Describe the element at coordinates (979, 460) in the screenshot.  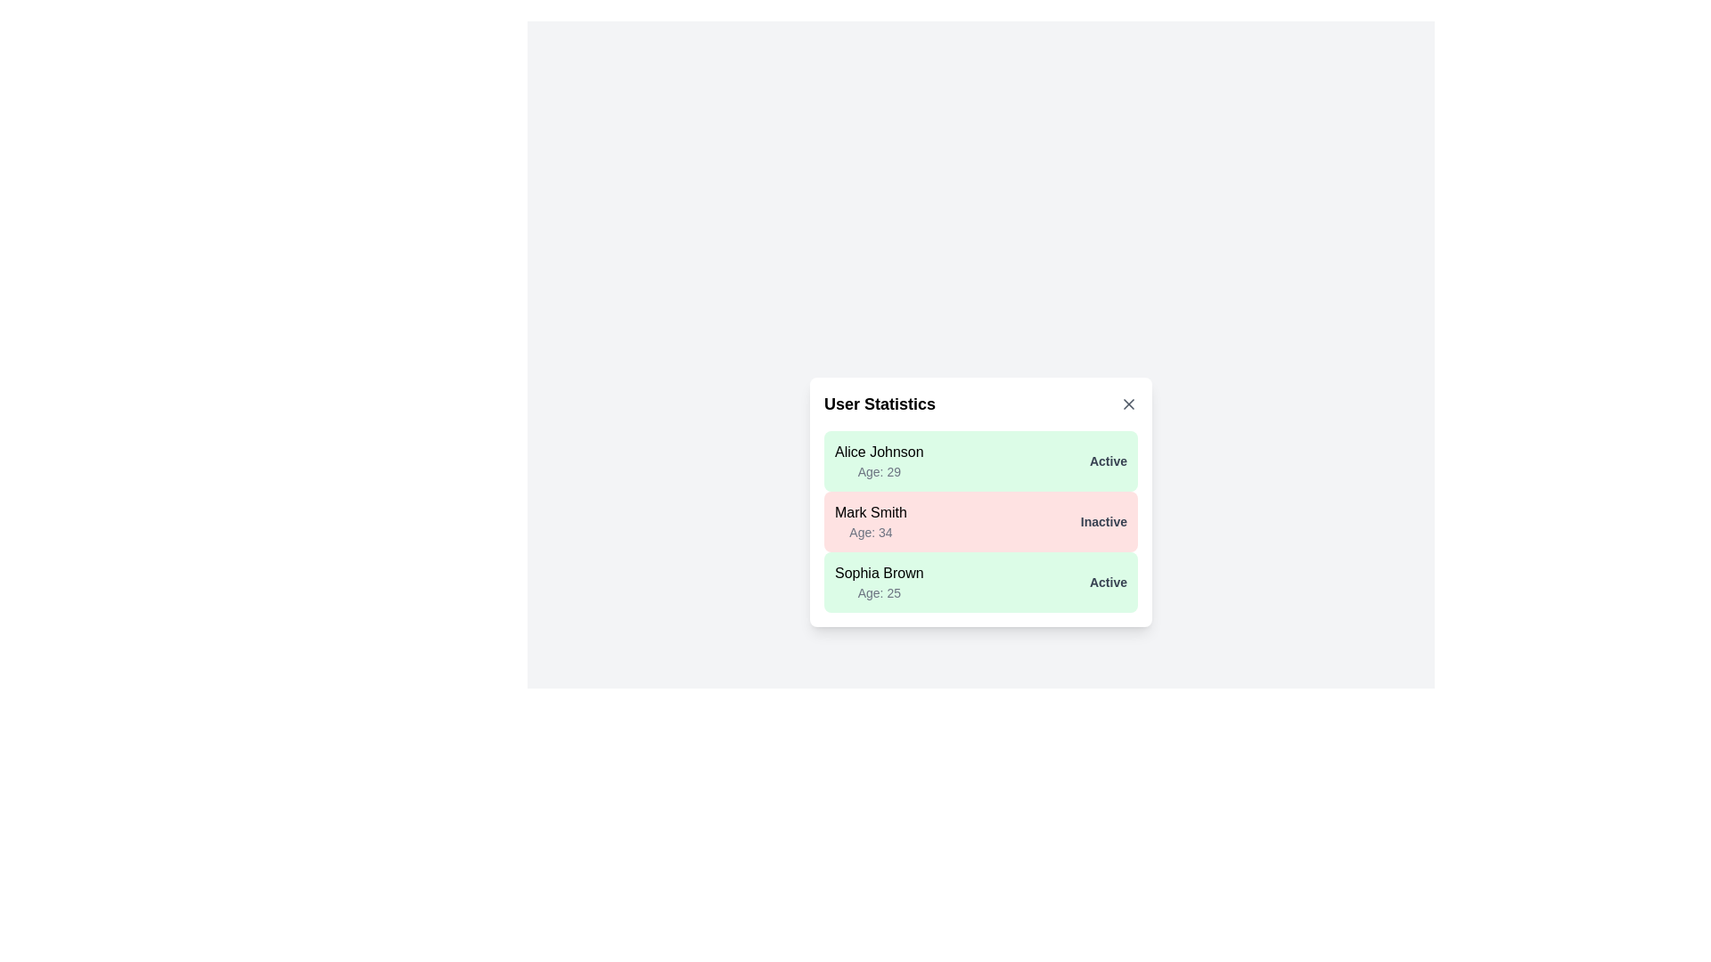
I see `the user entry corresponding to Alice Johnson to inspect their details` at that location.